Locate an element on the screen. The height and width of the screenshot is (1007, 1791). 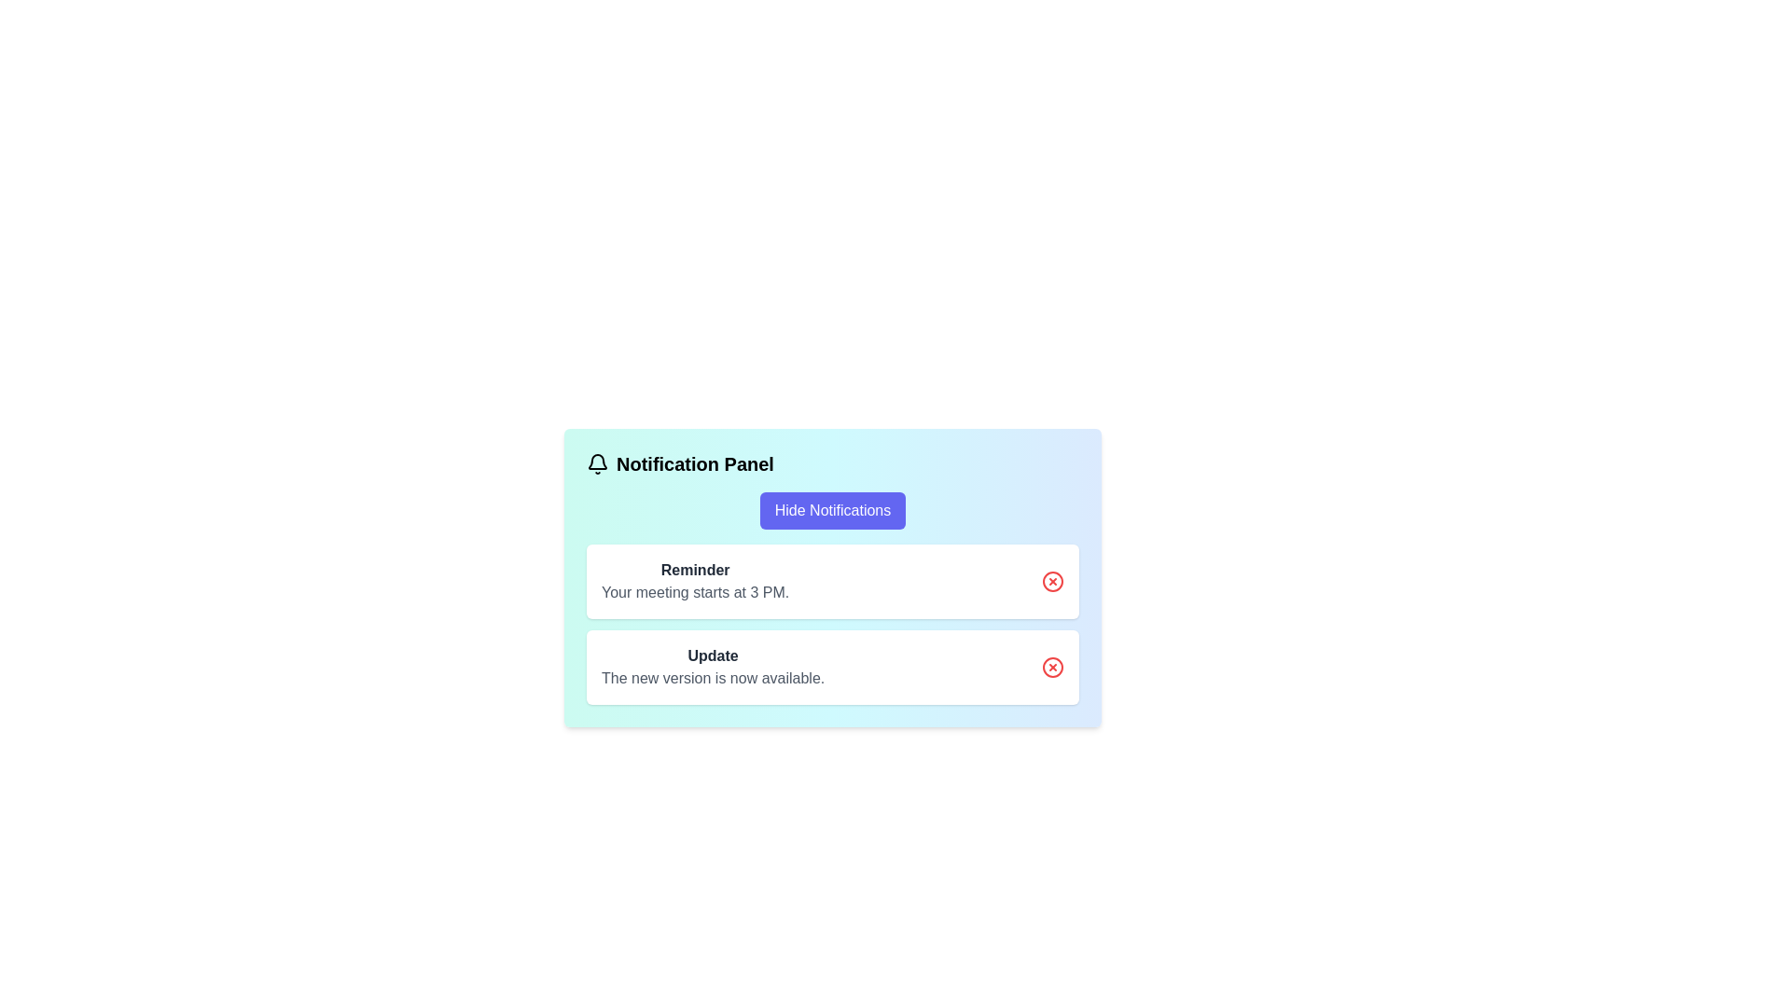
the bold text label displaying 'Update' located in the second notification section below the 'Reminder' notification is located at coordinates (712, 655).